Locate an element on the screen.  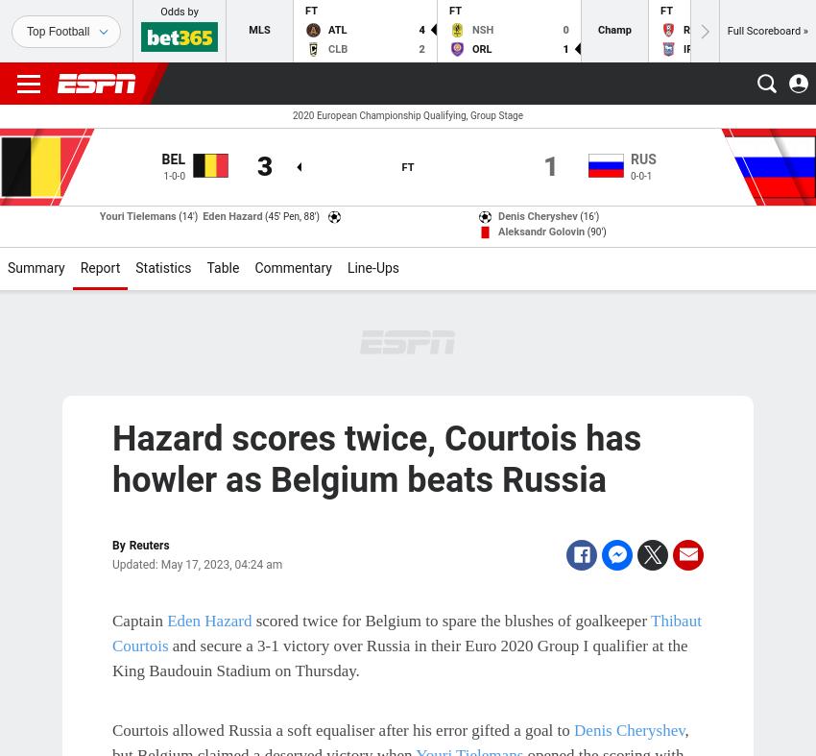
'scored twice for Belgium to spare the blushes of goalkeeper' is located at coordinates (450, 619).